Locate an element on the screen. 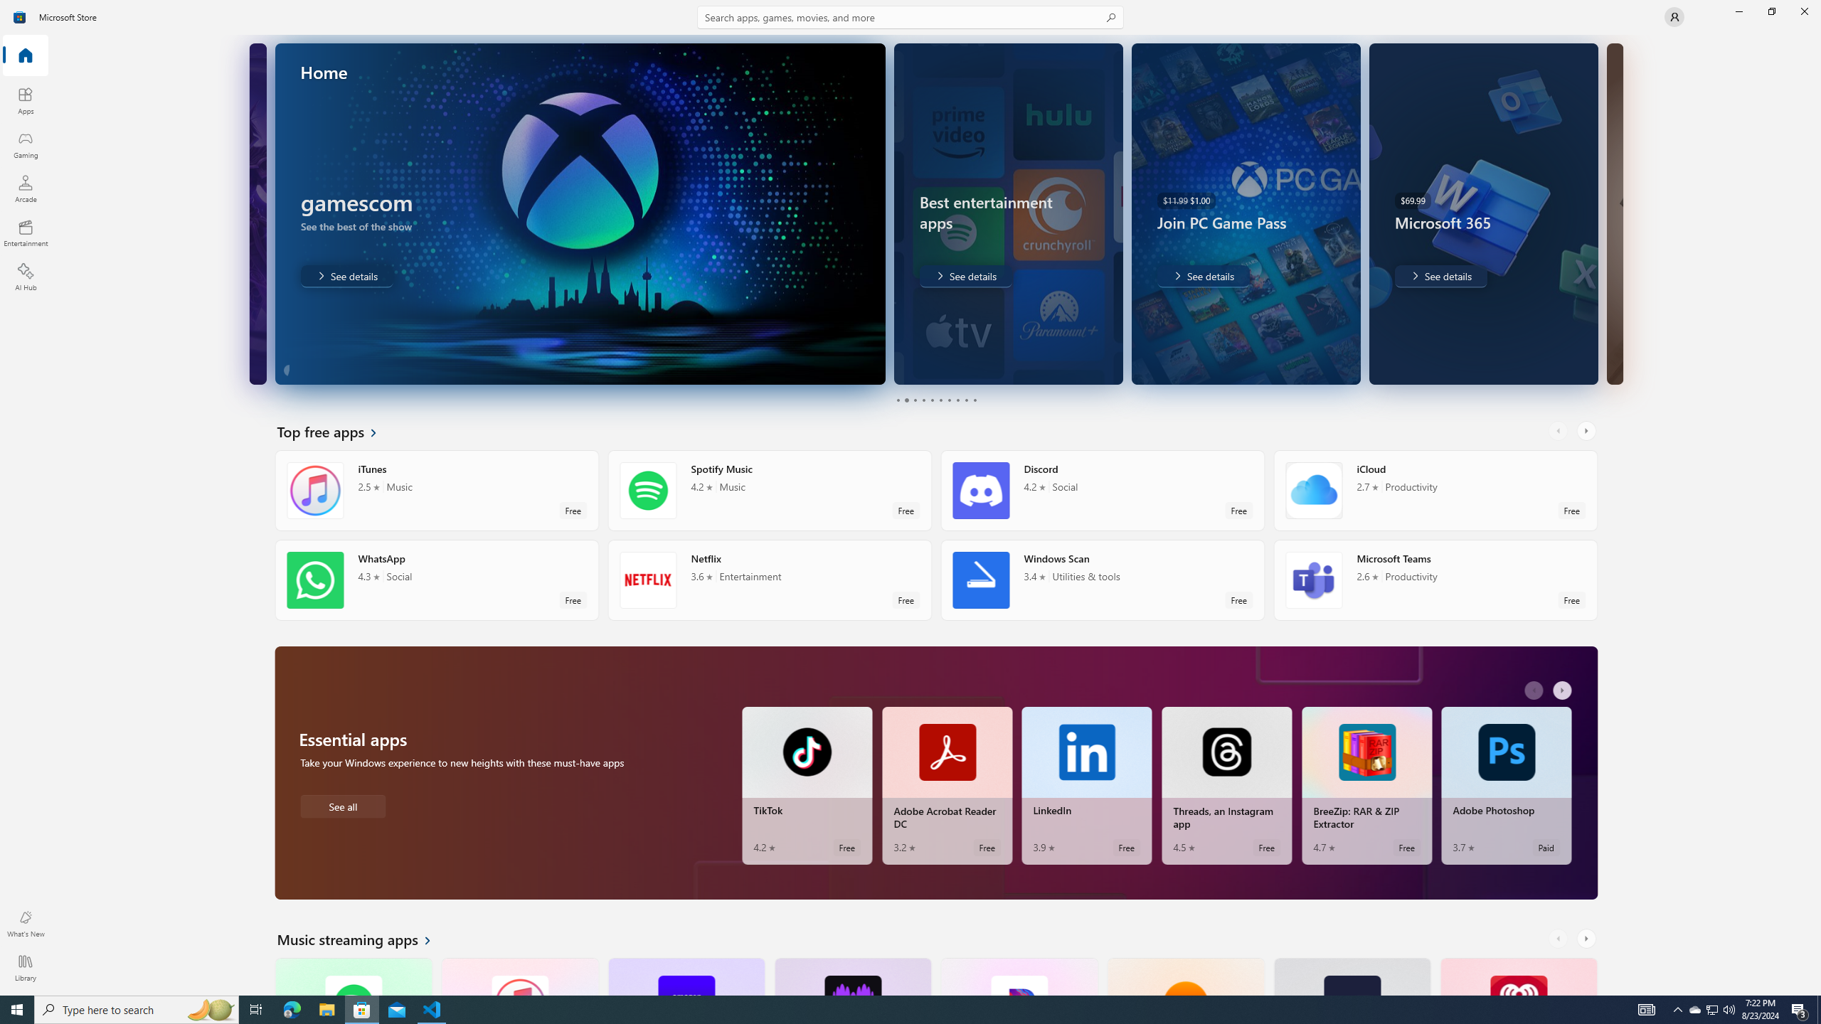 The image size is (1821, 1024). 'Page 3' is located at coordinates (914, 400).